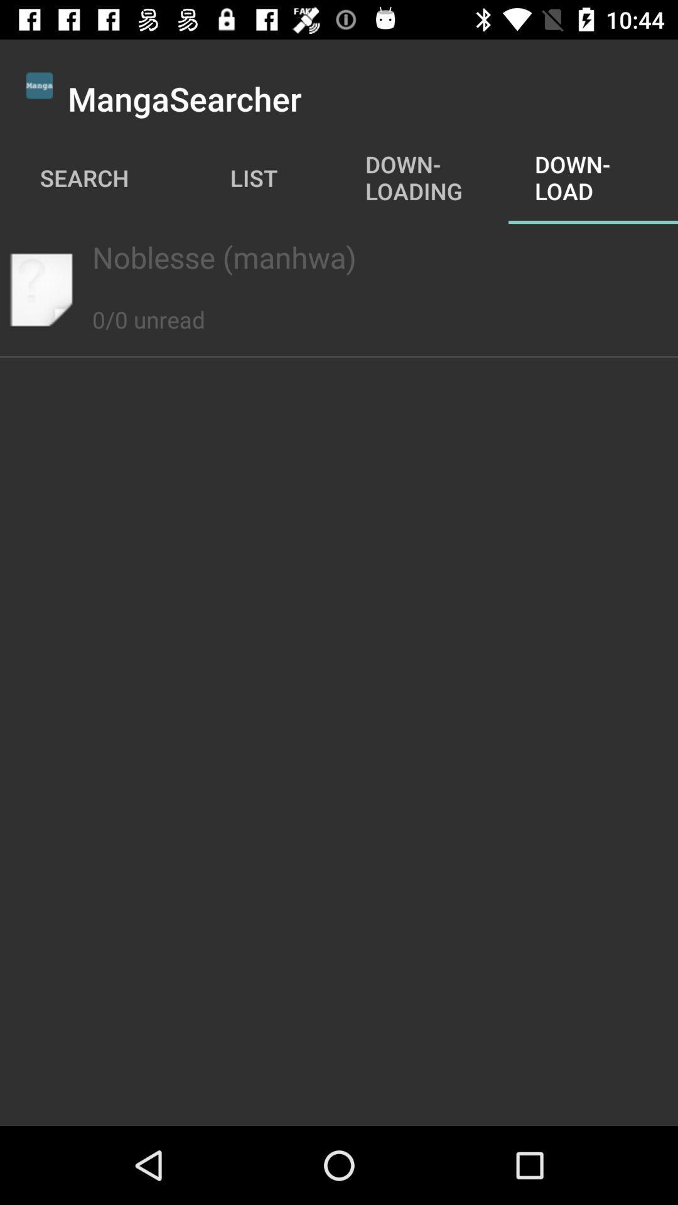 This screenshot has width=678, height=1205. What do you see at coordinates (148, 306) in the screenshot?
I see `item below the noblesse (manhwa) icon` at bounding box center [148, 306].